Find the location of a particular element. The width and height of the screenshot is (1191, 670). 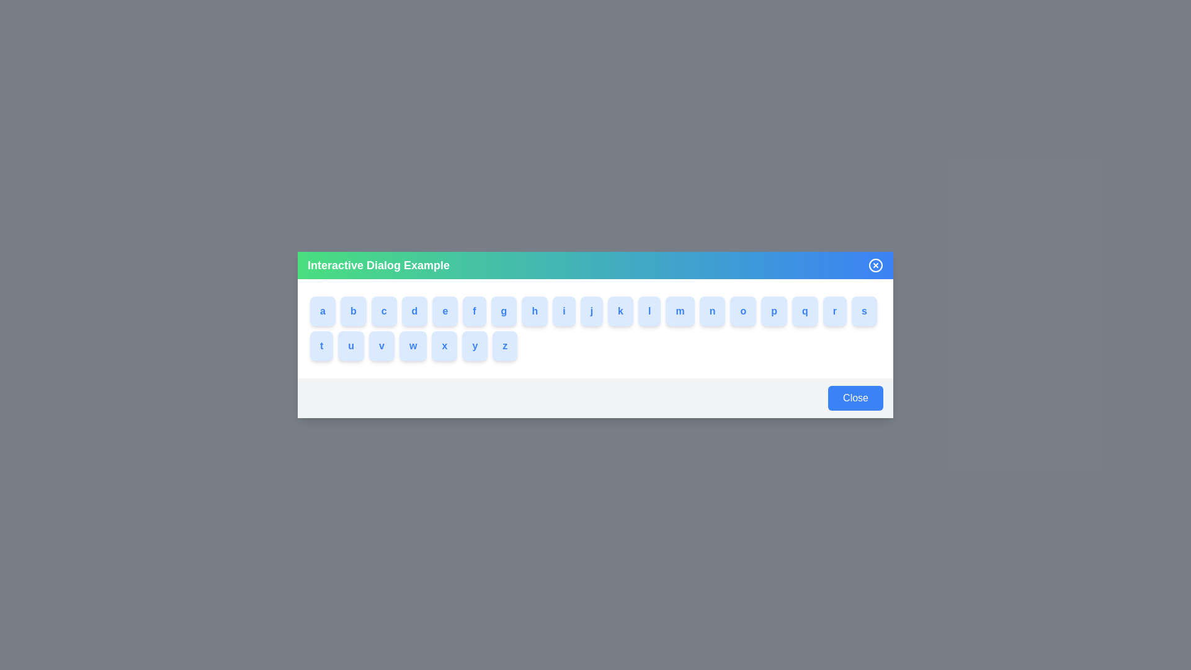

the button labeled with c is located at coordinates (383, 310).